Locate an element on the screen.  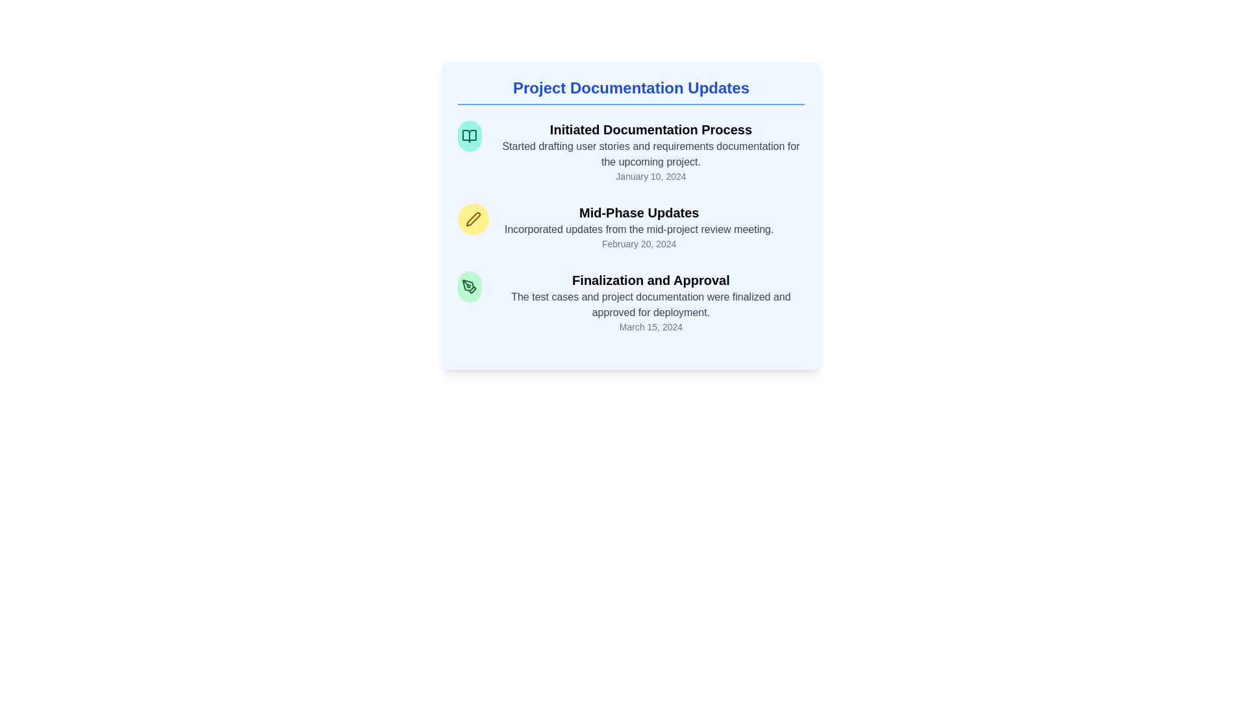
text content of the informational block titled 'Initiated Documentation Process', which includes a description and a date is located at coordinates (631, 151).